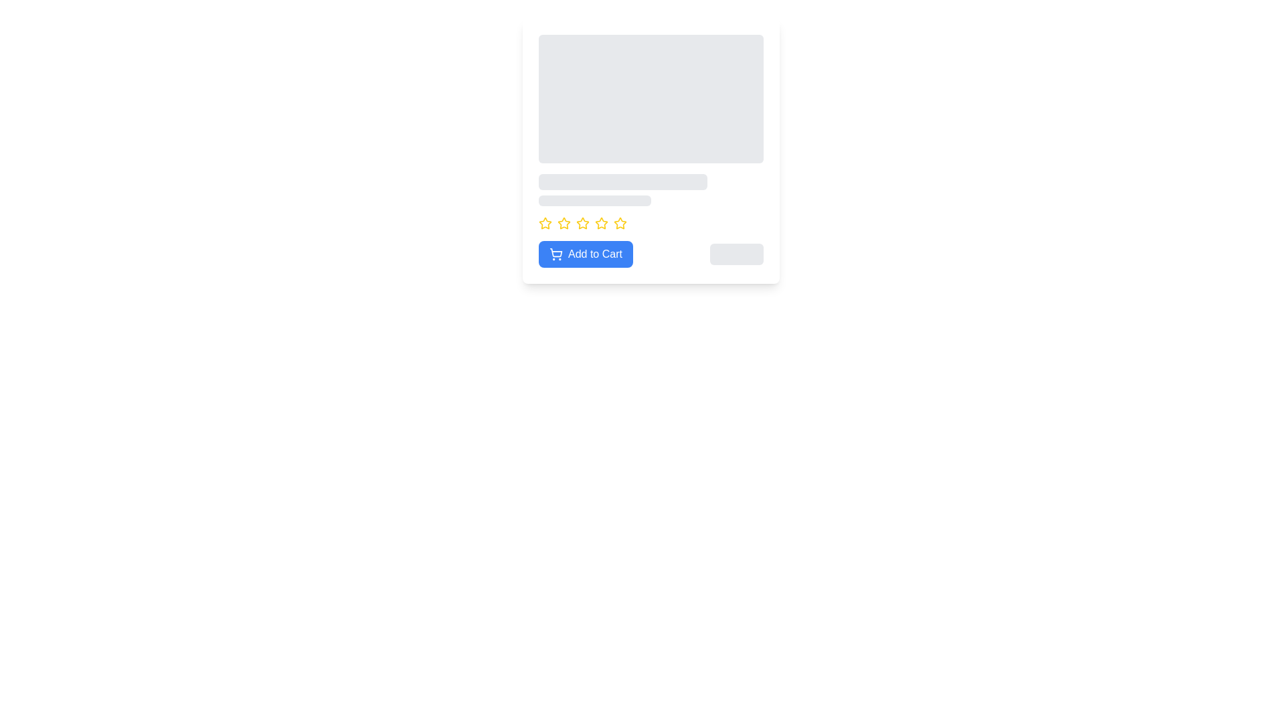  What do you see at coordinates (651, 223) in the screenshot?
I see `the stars in the rating component located in the middle of the card, below the two gray bars and above the blue 'Add to Cart' button` at bounding box center [651, 223].